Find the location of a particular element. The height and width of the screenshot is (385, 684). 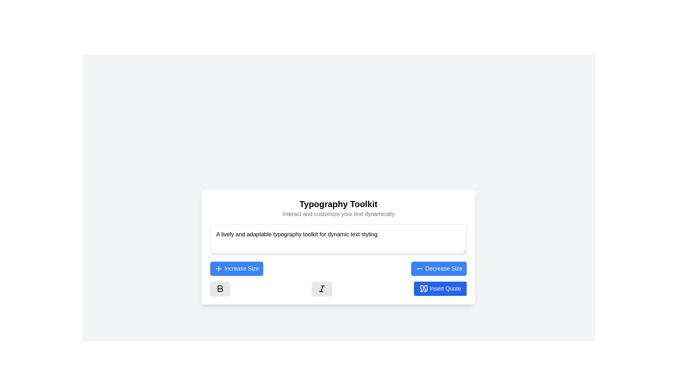

the leftmost button in the row of three buttons below the text input area is located at coordinates (220, 288).